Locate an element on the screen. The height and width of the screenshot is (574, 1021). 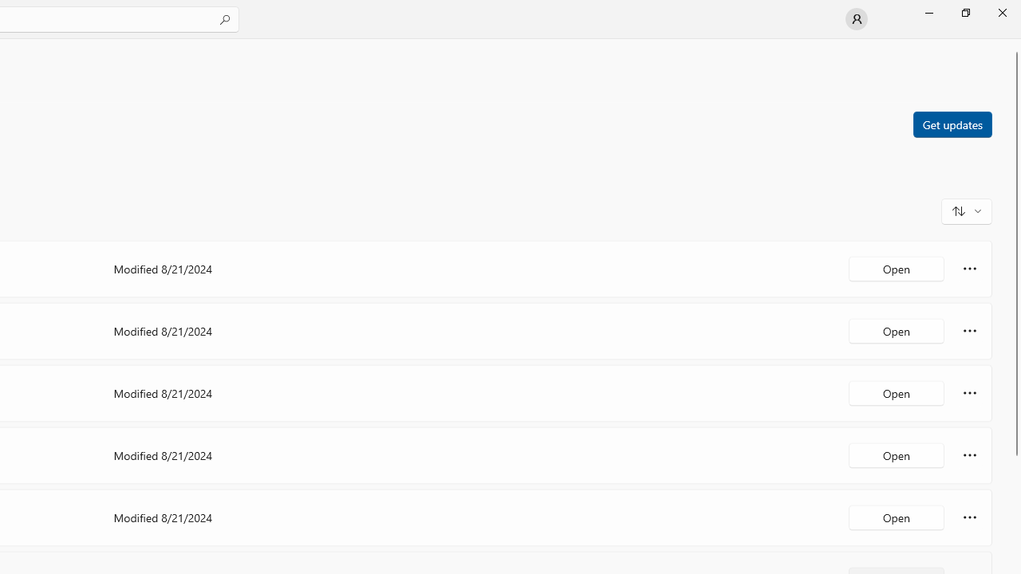
'Restore Microsoft Store' is located at coordinates (964, 12).